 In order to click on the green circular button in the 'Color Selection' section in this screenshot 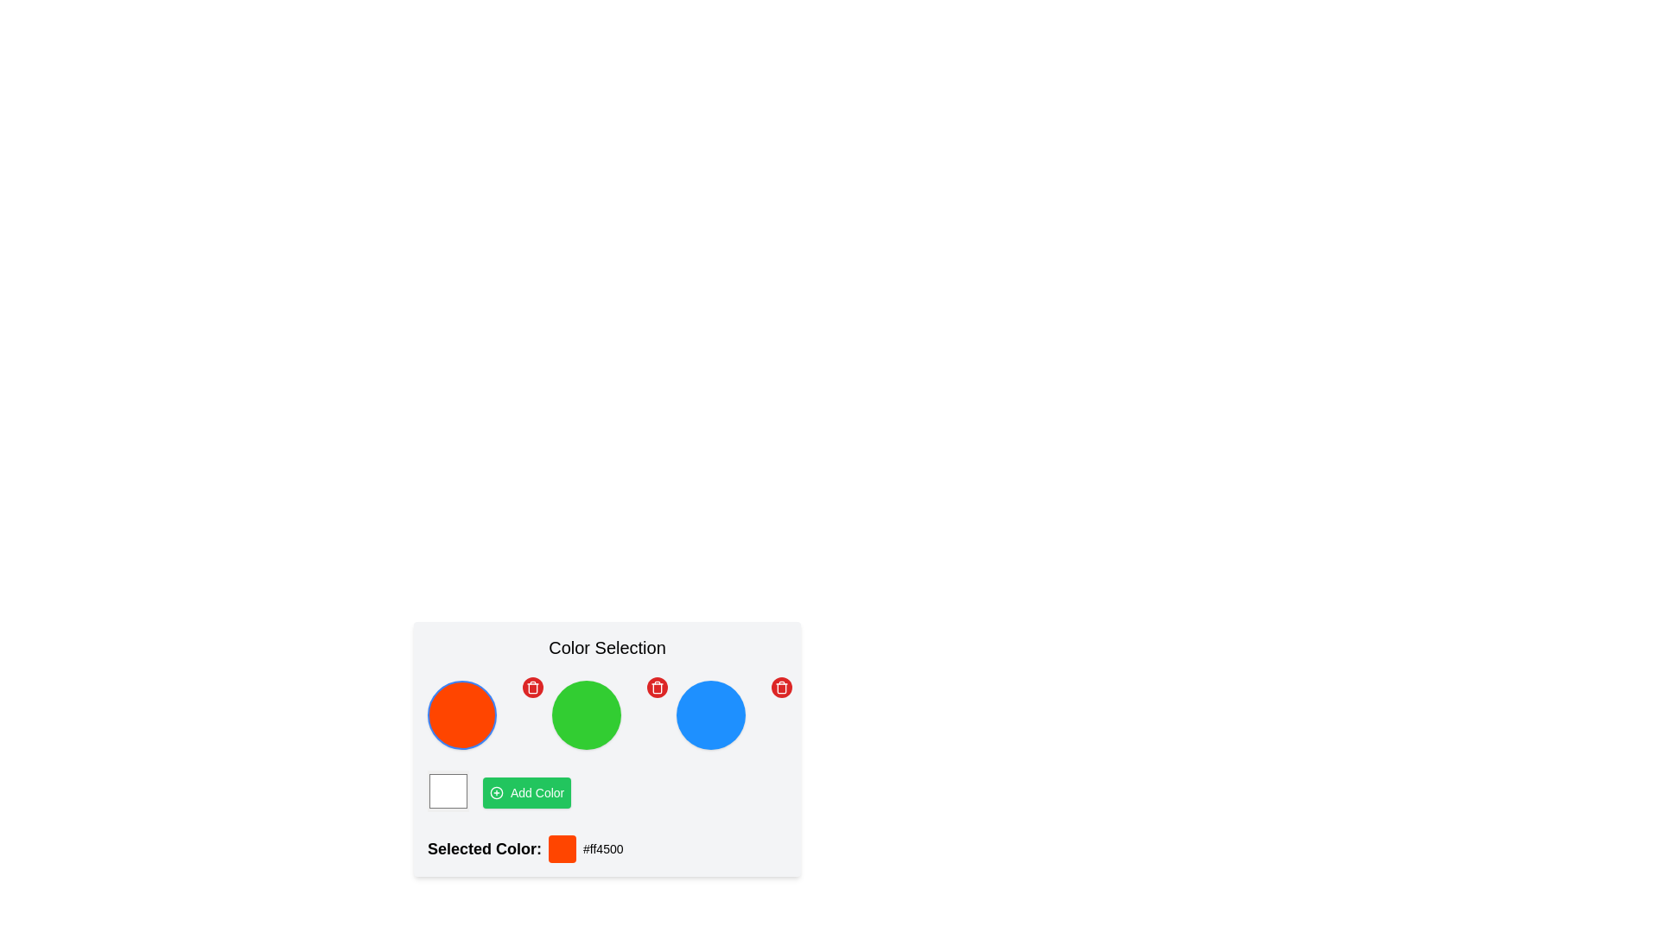, I will do `click(607, 715)`.